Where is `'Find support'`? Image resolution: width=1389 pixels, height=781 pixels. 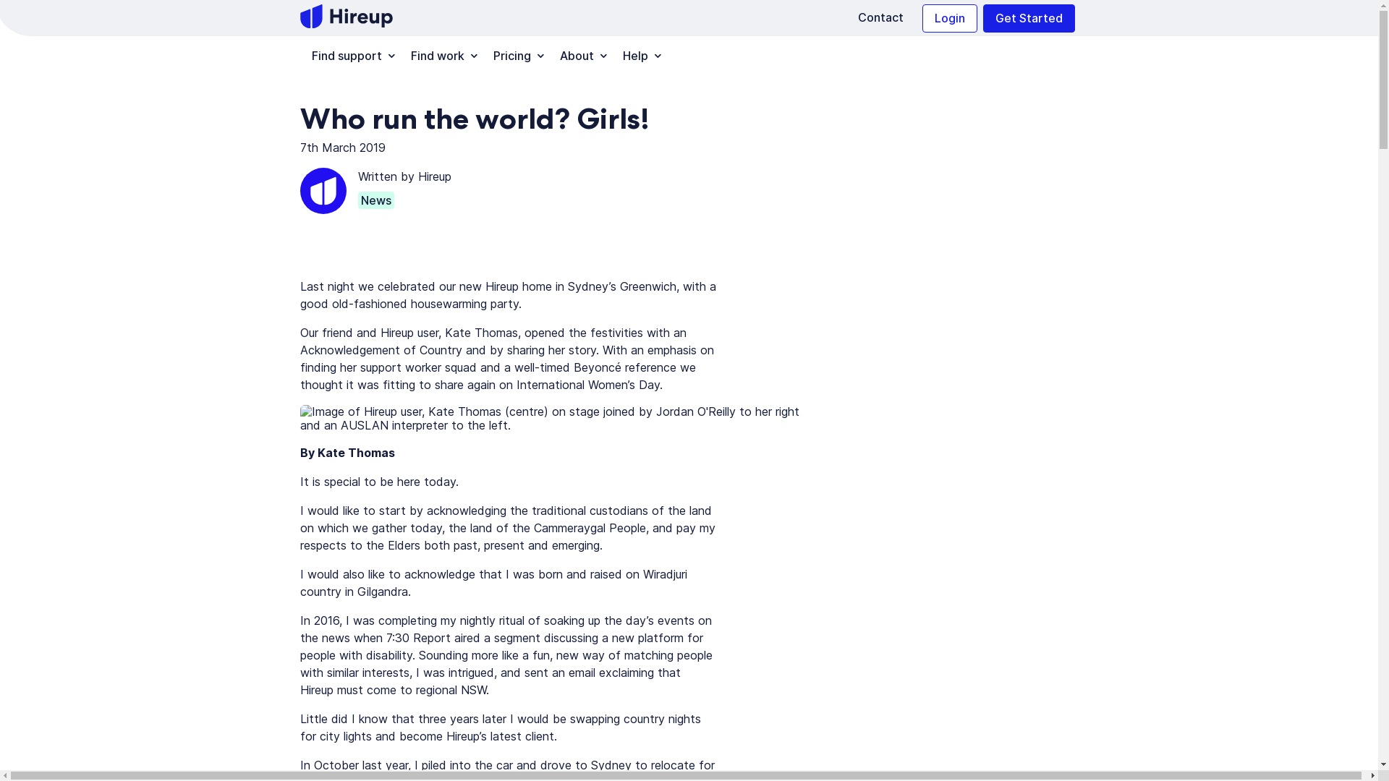
'Find support' is located at coordinates (349, 55).